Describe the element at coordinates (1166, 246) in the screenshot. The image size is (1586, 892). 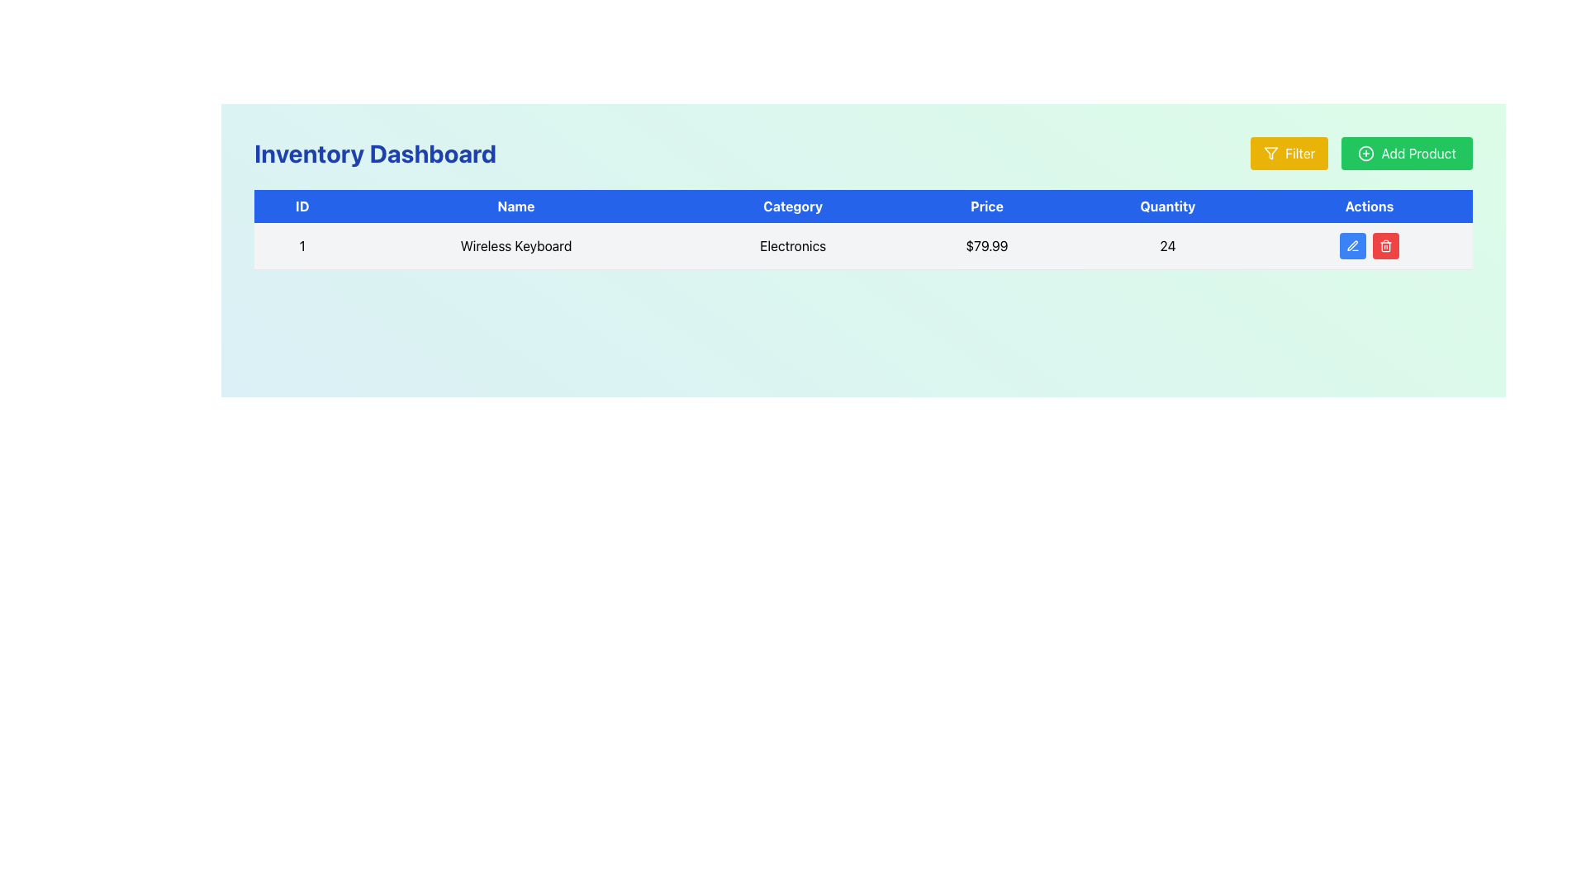
I see `the numeric label displaying '24' in the 'Quantity' column of the table for the 'Wireless Keyboard' product` at that location.